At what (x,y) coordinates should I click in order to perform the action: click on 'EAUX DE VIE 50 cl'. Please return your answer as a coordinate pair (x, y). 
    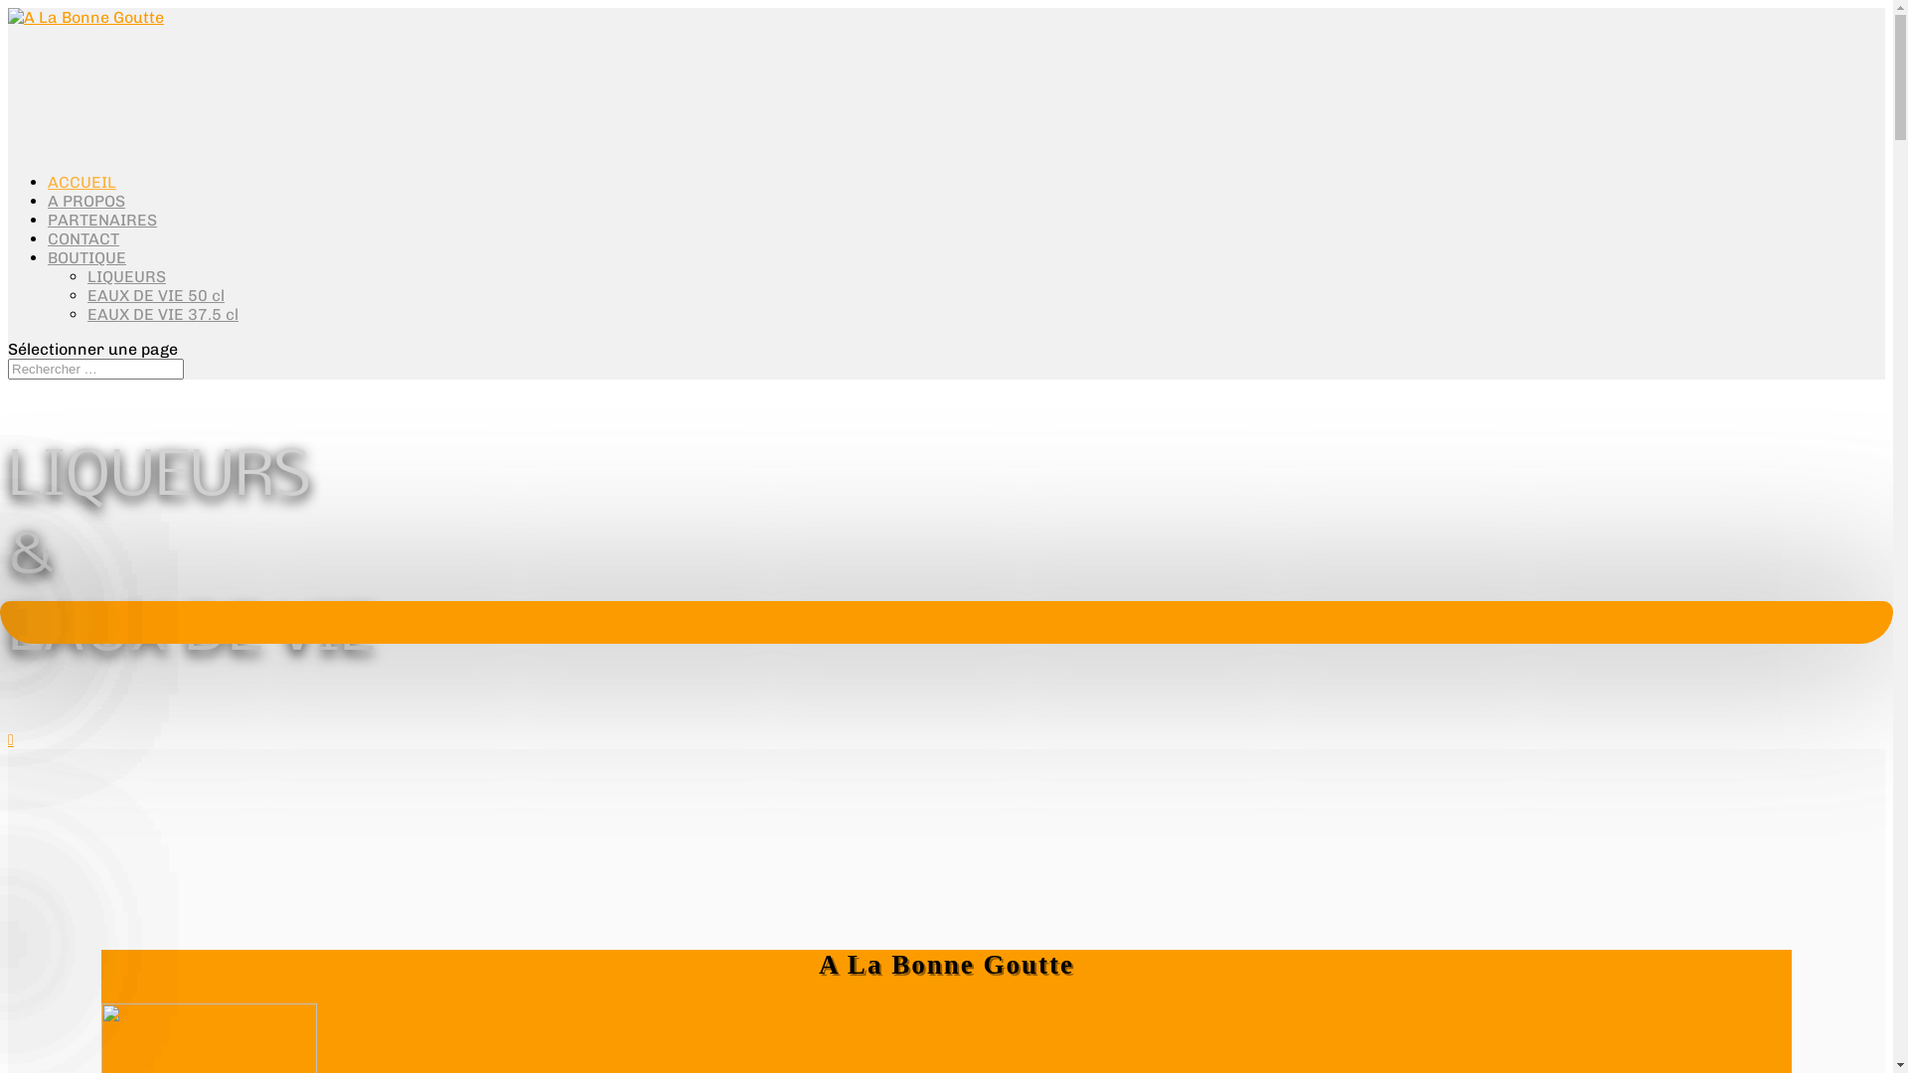
    Looking at the image, I should click on (155, 295).